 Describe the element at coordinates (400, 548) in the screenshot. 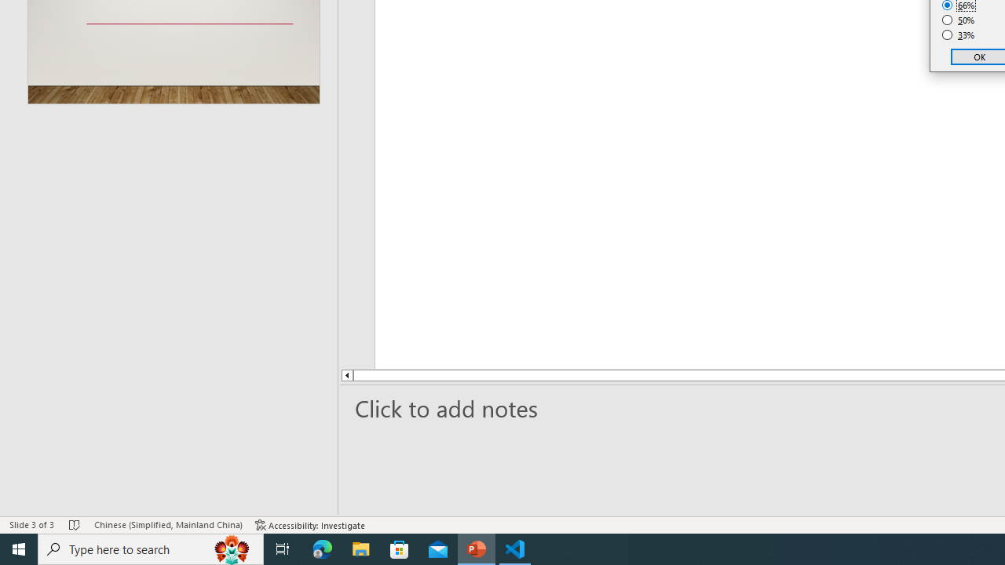

I see `'Microsoft Store'` at that location.